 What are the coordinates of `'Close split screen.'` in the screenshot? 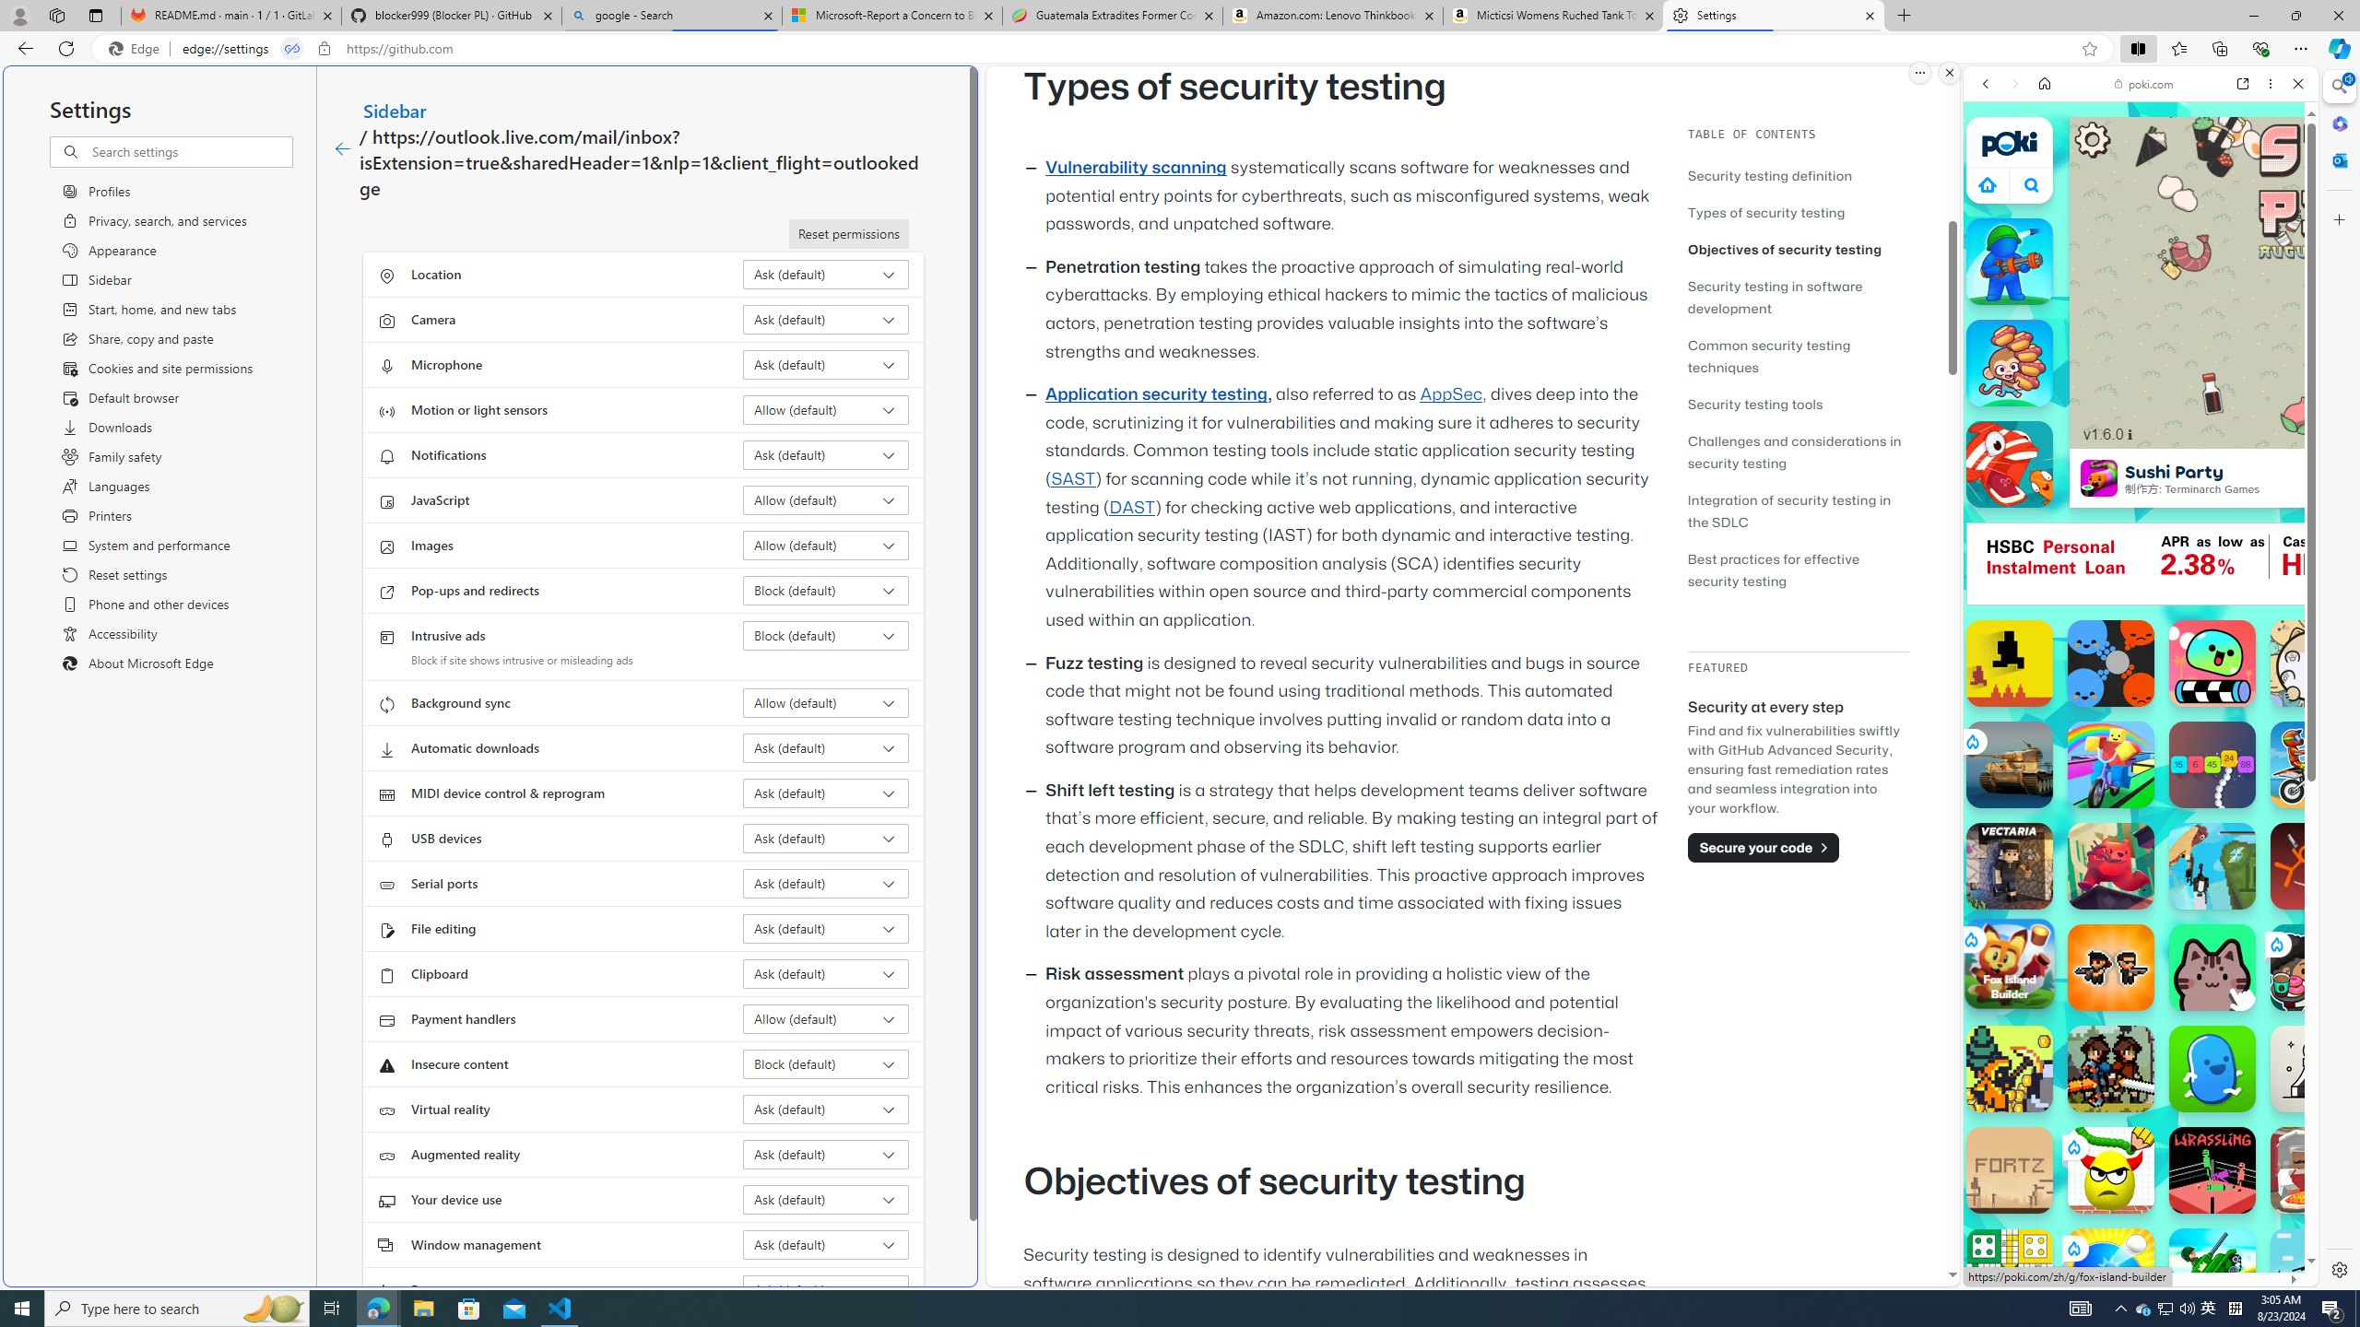 It's located at (1948, 72).